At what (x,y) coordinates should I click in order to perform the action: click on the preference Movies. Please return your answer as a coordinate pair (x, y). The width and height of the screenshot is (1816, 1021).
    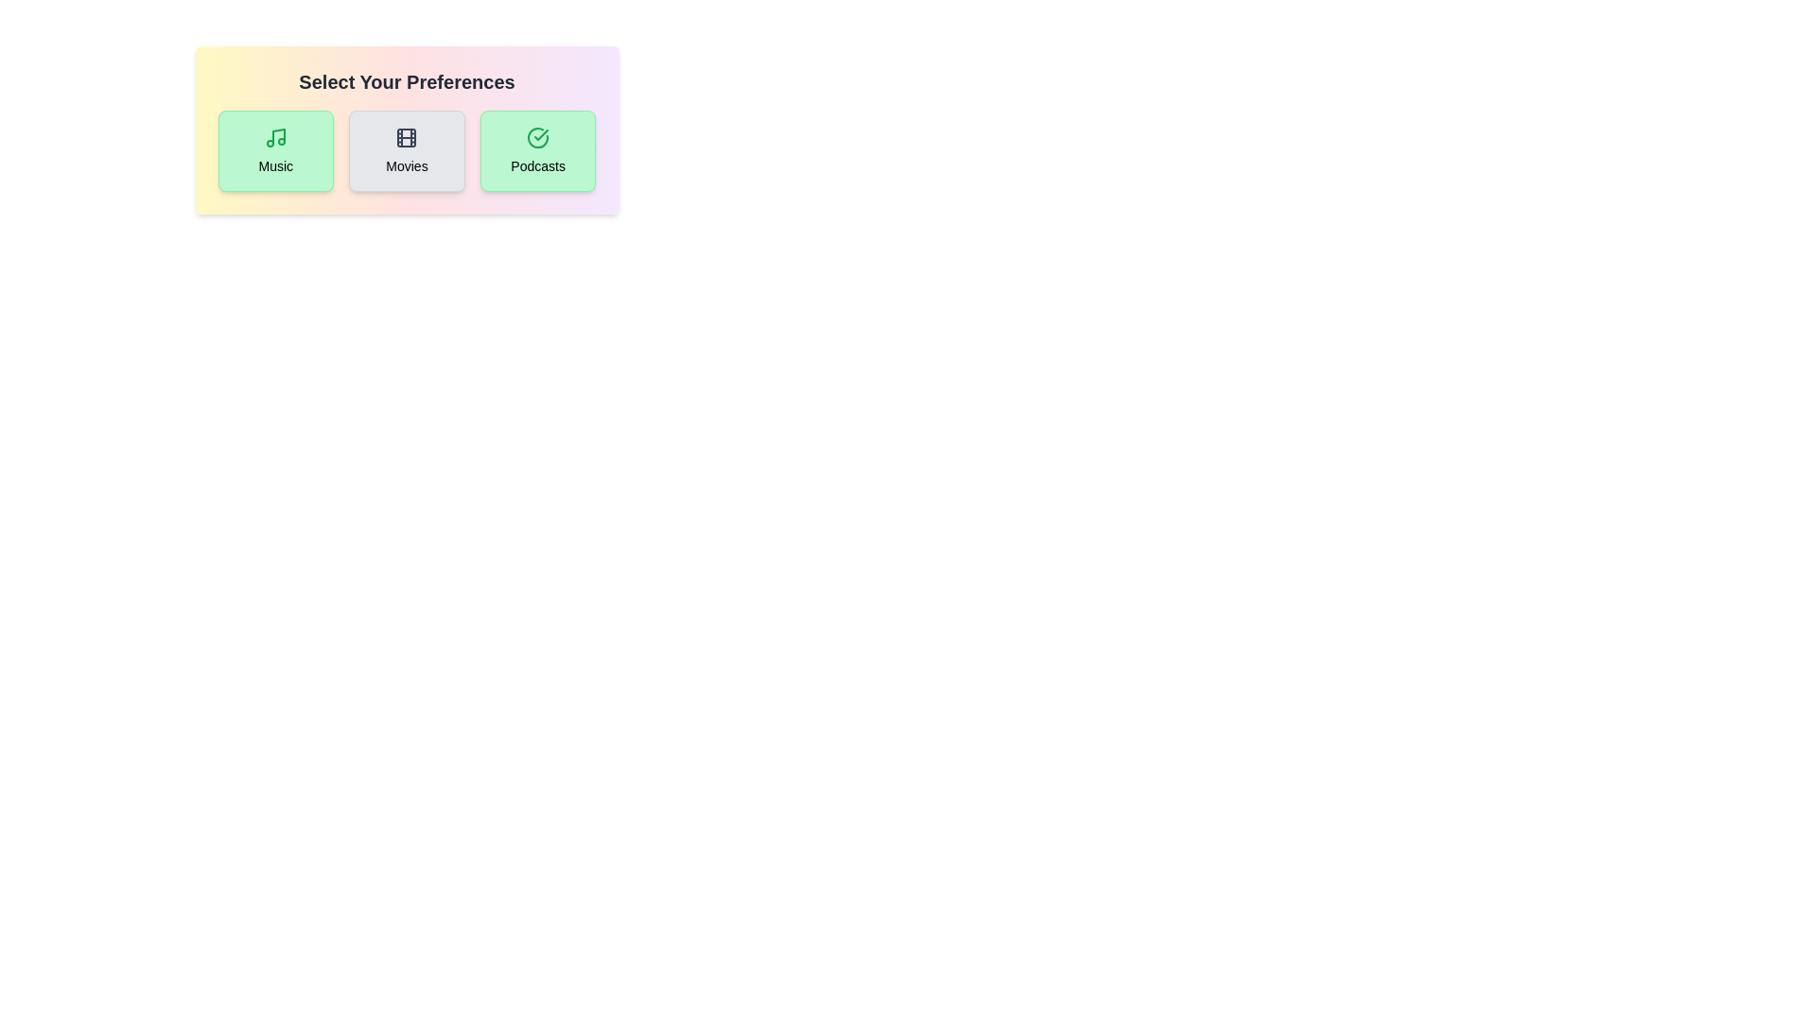
    Looking at the image, I should click on (406, 149).